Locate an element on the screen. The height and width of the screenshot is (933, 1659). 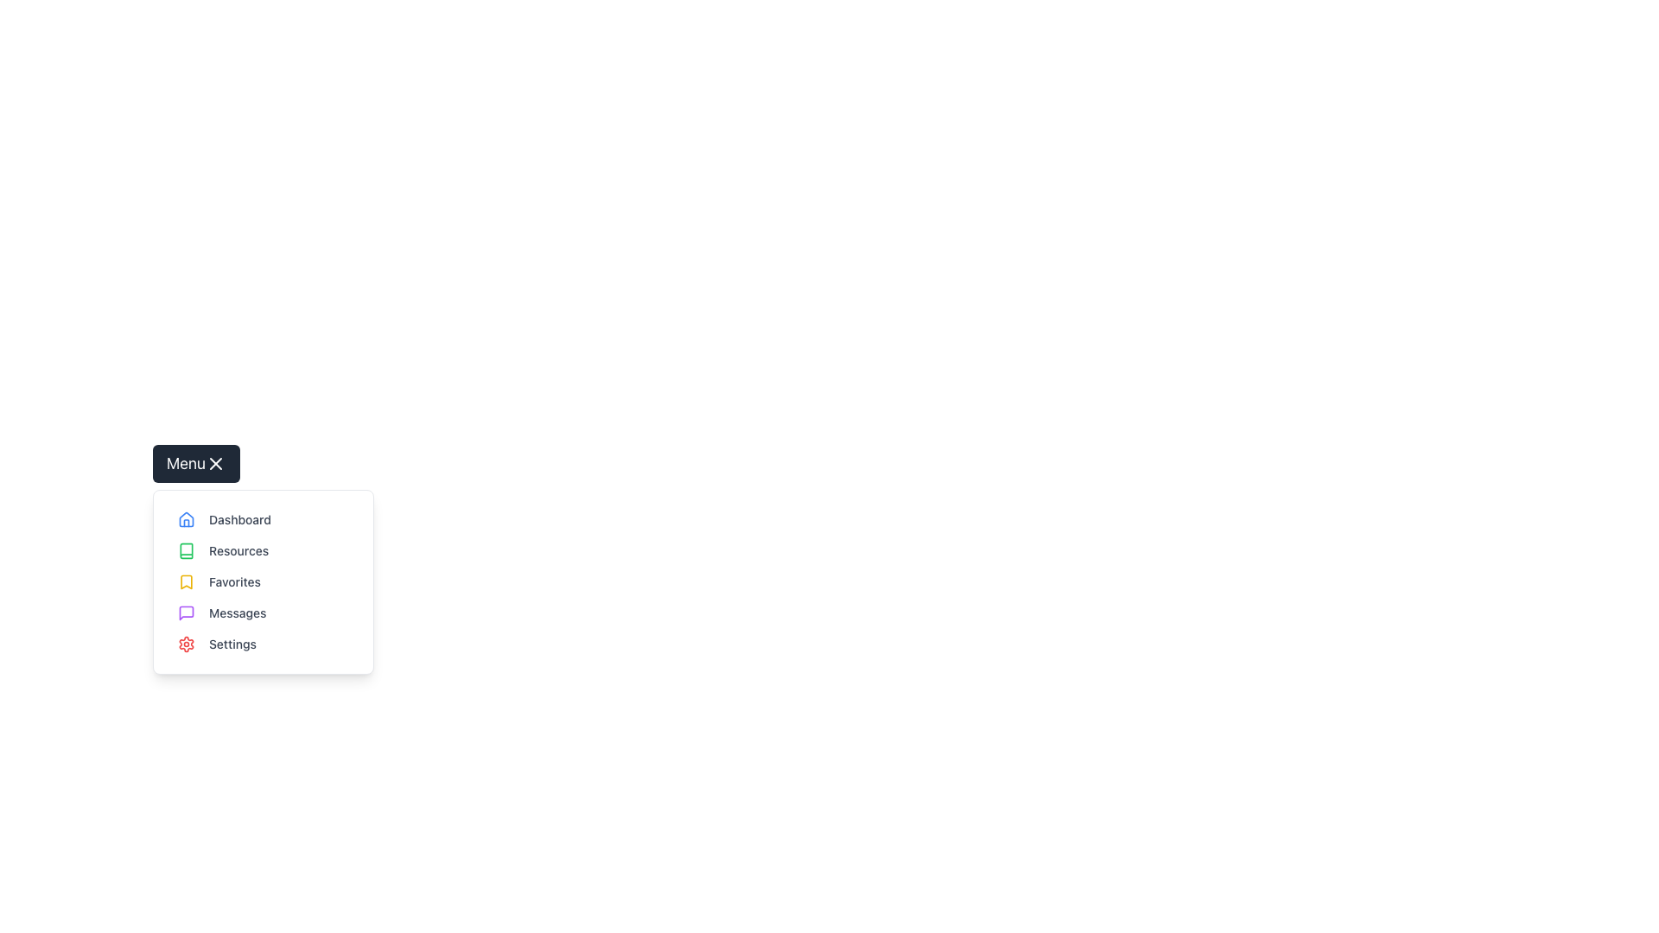
the purple speech bubble icon is located at coordinates (187, 612).